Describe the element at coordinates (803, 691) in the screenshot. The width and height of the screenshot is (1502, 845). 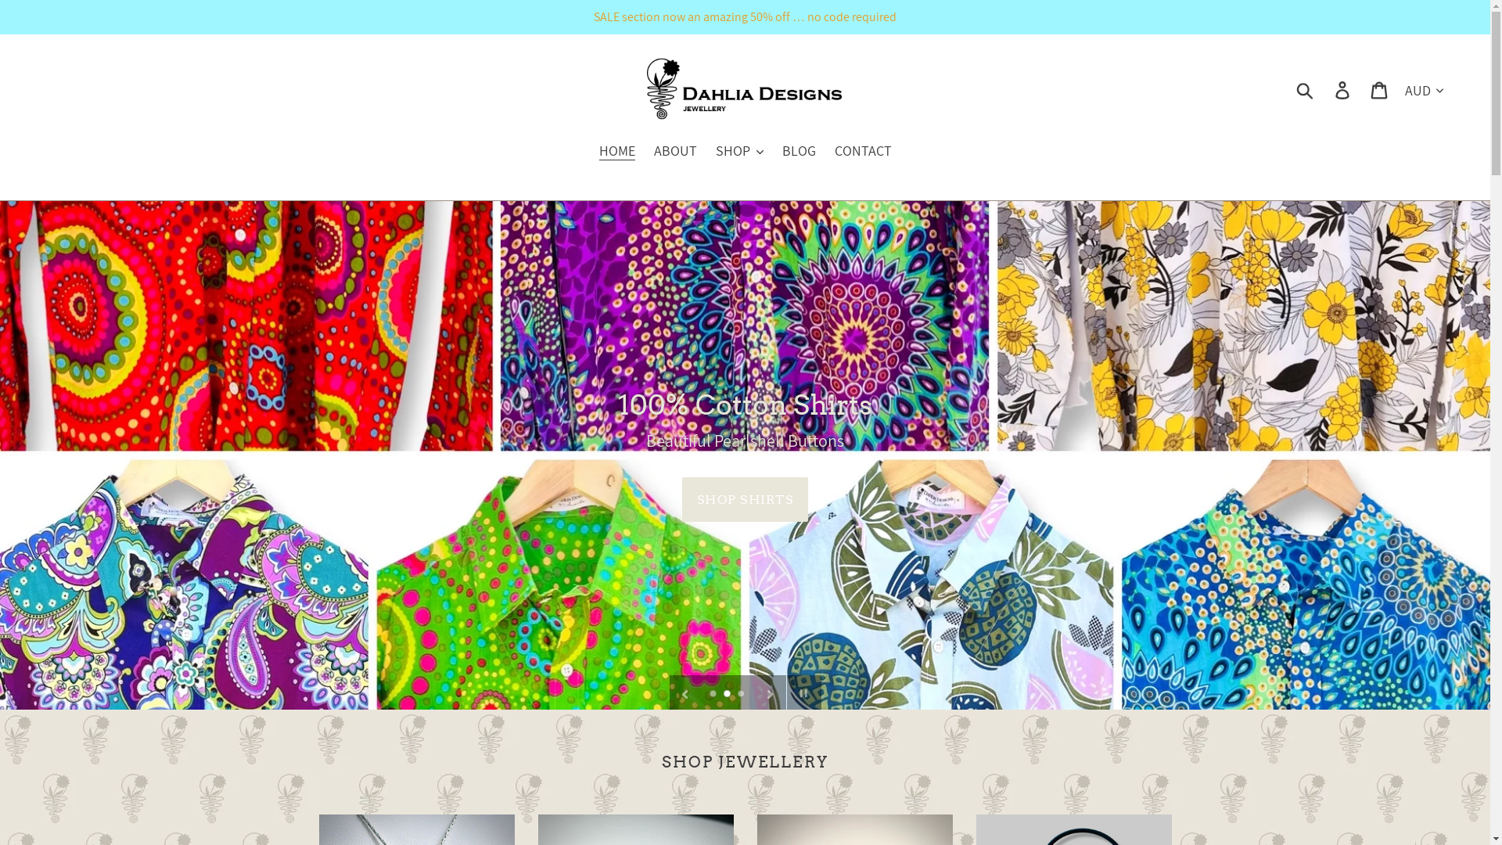
I see `'Pause slideshow'` at that location.